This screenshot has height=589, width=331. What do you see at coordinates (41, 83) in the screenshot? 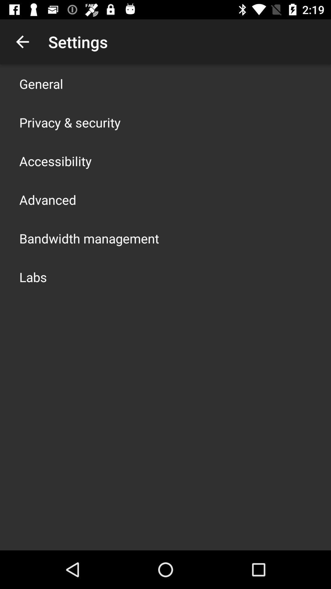
I see `the item above the privacy & security item` at bounding box center [41, 83].